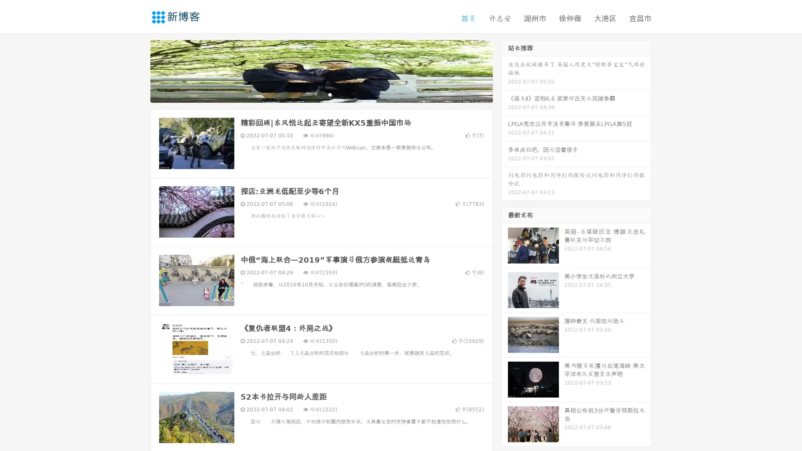  What do you see at coordinates (321, 94) in the screenshot?
I see `Go to slide 2` at bounding box center [321, 94].